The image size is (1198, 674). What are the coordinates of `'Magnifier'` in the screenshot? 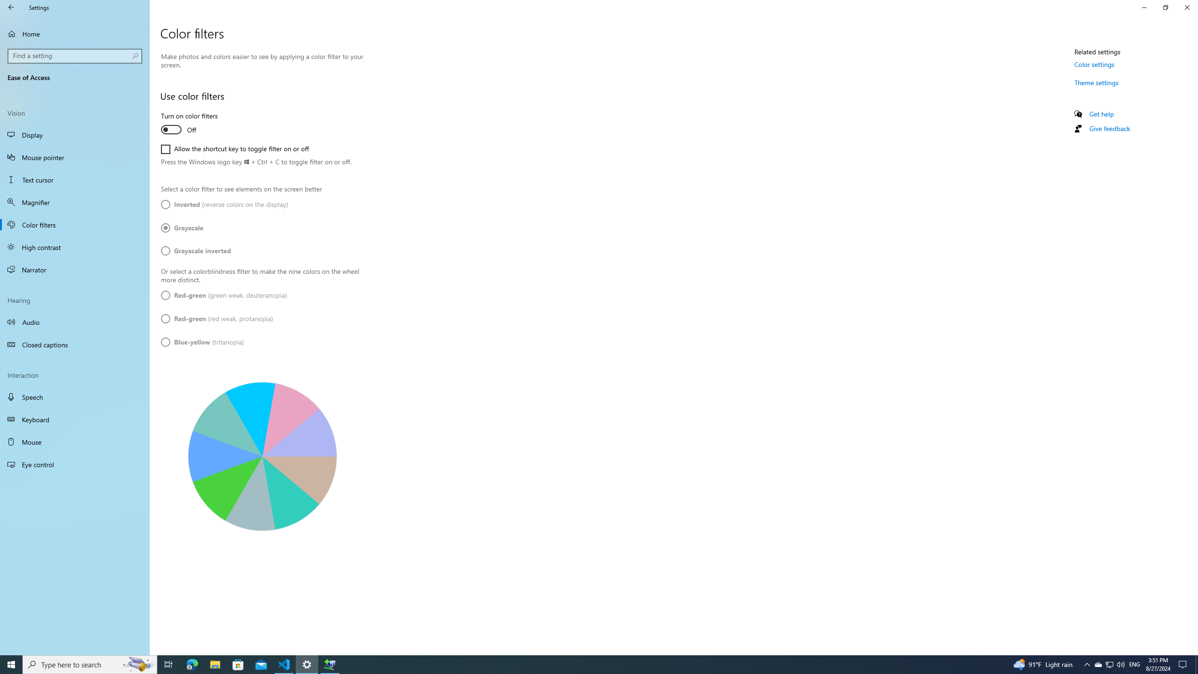 It's located at (74, 202).